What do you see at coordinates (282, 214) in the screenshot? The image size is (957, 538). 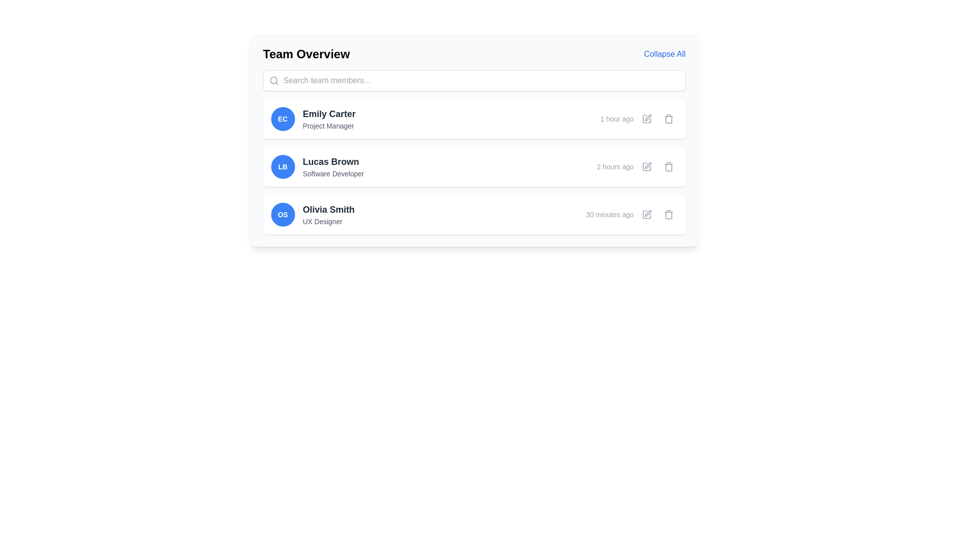 I see `the Avatar badge representing the user 'Olivia Smith', which is located as the leftmost component in the last row under the 'Team Overview' section` at bounding box center [282, 214].